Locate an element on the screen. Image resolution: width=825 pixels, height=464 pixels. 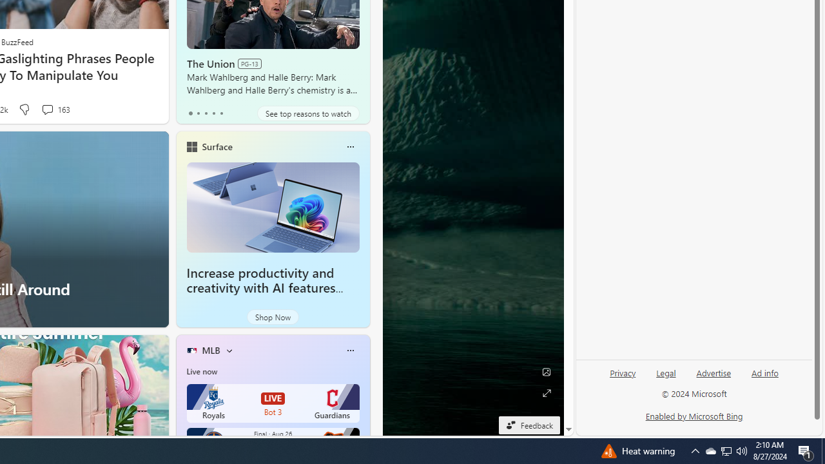
'View comments 163 Comment' is located at coordinates (54, 109).